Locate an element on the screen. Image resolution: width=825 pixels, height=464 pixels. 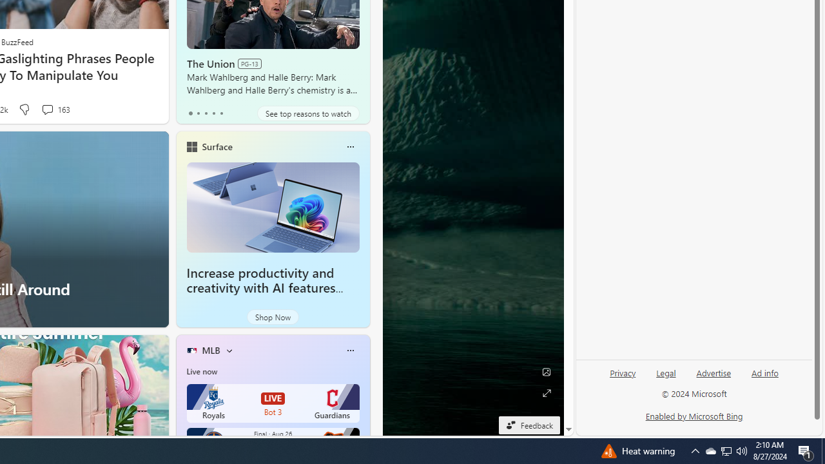
'View comments 163 Comment' is located at coordinates (54, 109).